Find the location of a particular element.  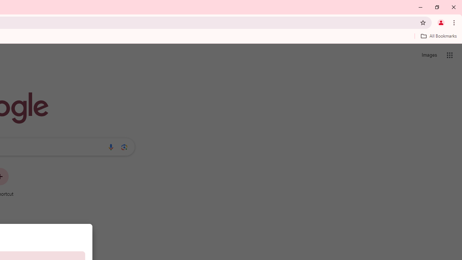

'Close' is located at coordinates (453, 7).